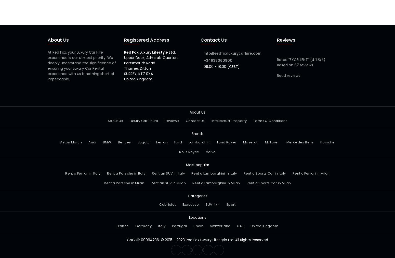 The height and width of the screenshot is (258, 395). I want to click on 'Bugatti', so click(143, 142).